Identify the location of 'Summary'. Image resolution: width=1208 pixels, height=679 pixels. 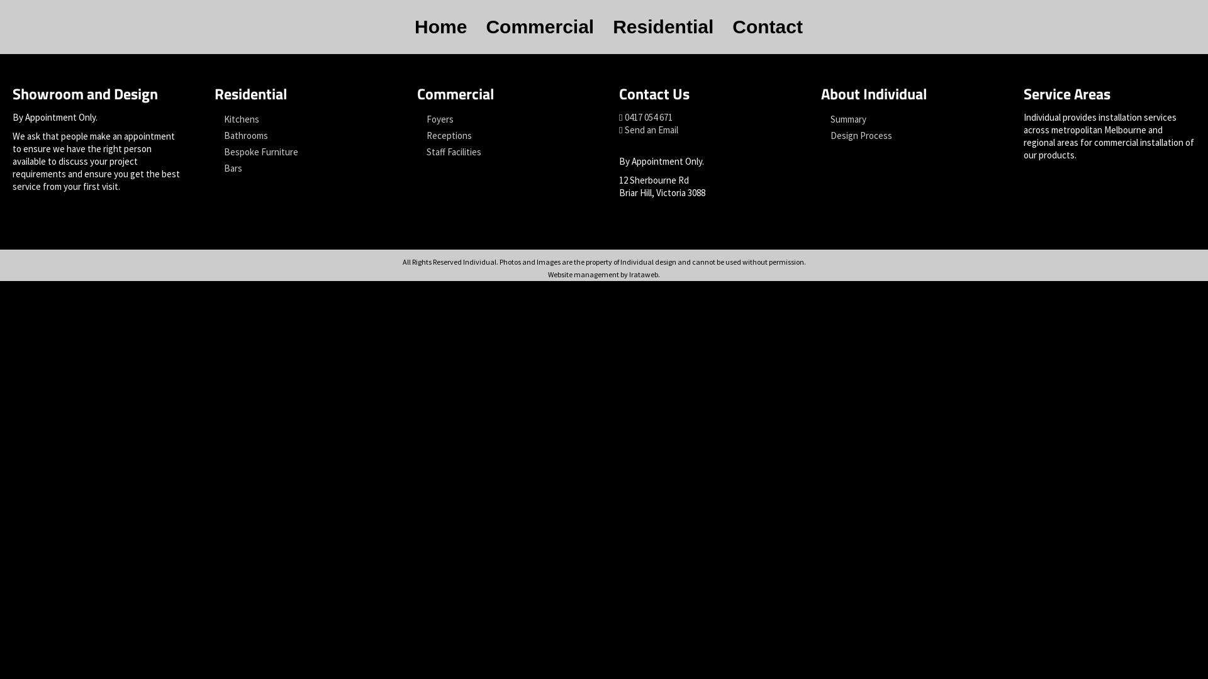
(907, 119).